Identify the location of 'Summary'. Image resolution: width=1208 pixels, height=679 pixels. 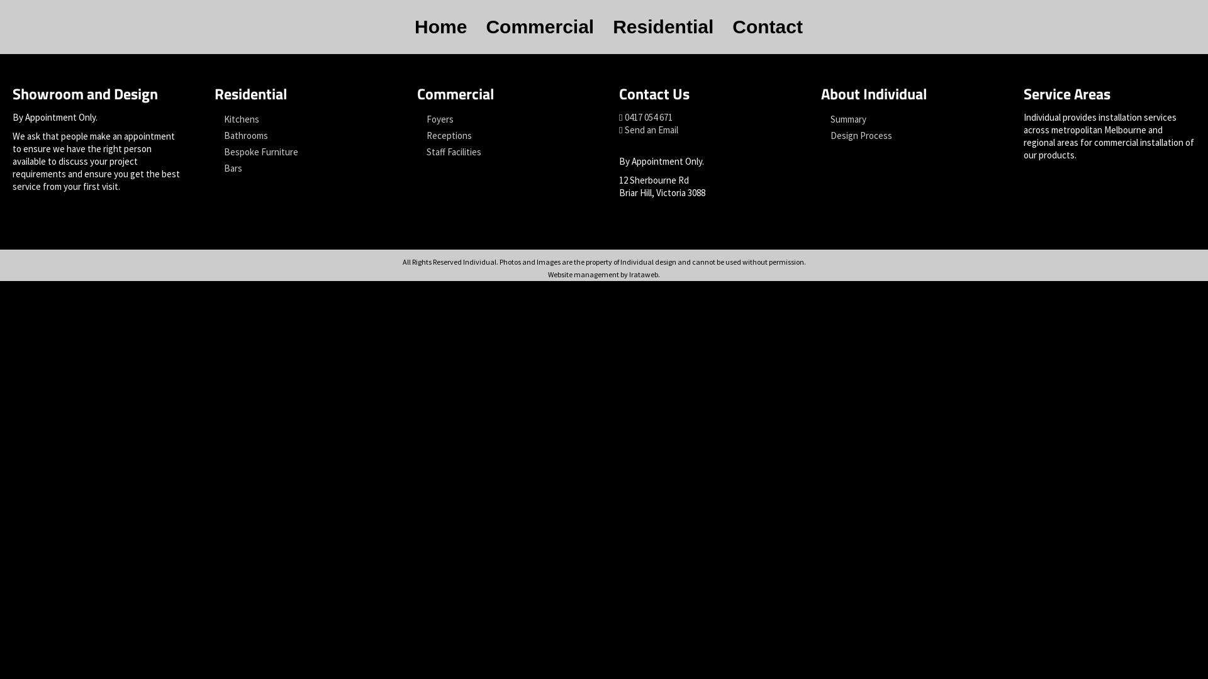
(907, 119).